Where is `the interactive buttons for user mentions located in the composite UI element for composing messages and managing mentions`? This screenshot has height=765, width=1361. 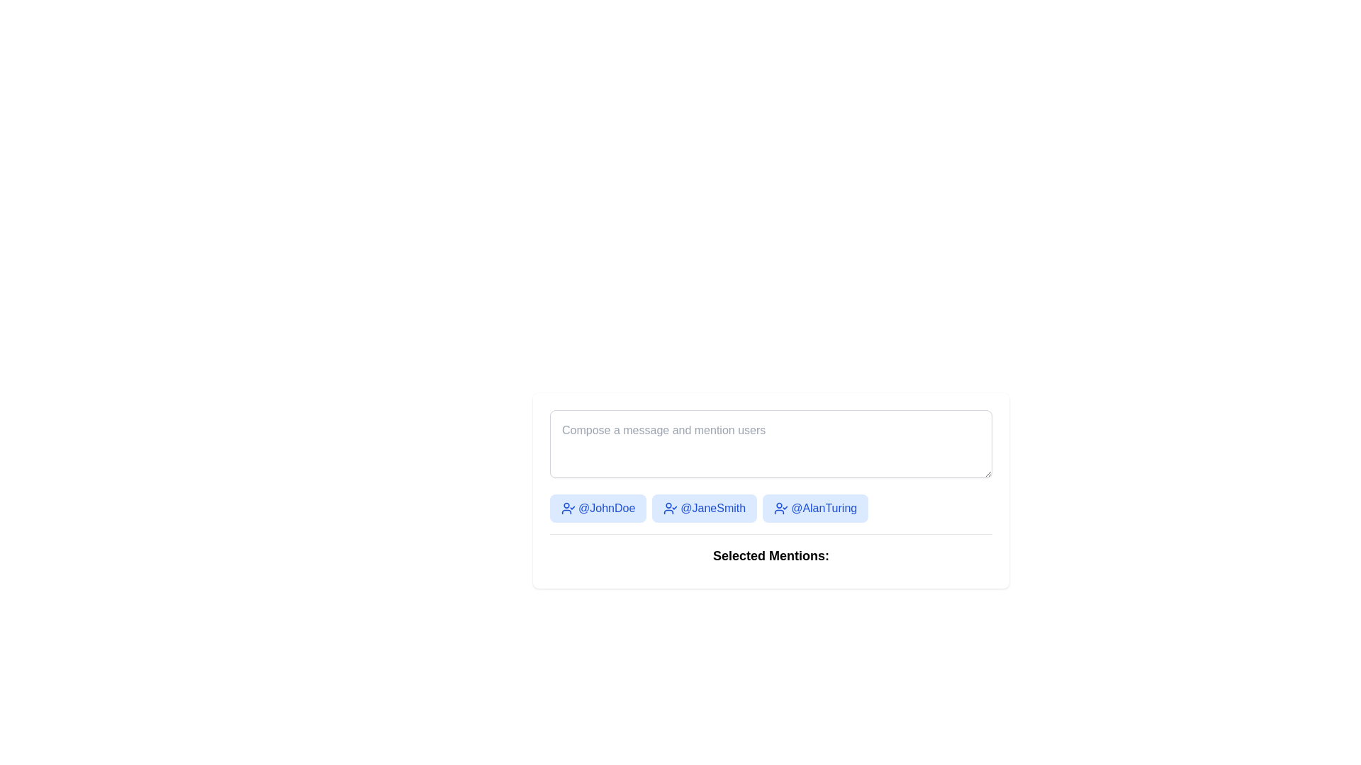
the interactive buttons for user mentions located in the composite UI element for composing messages and managing mentions is located at coordinates (771, 490).